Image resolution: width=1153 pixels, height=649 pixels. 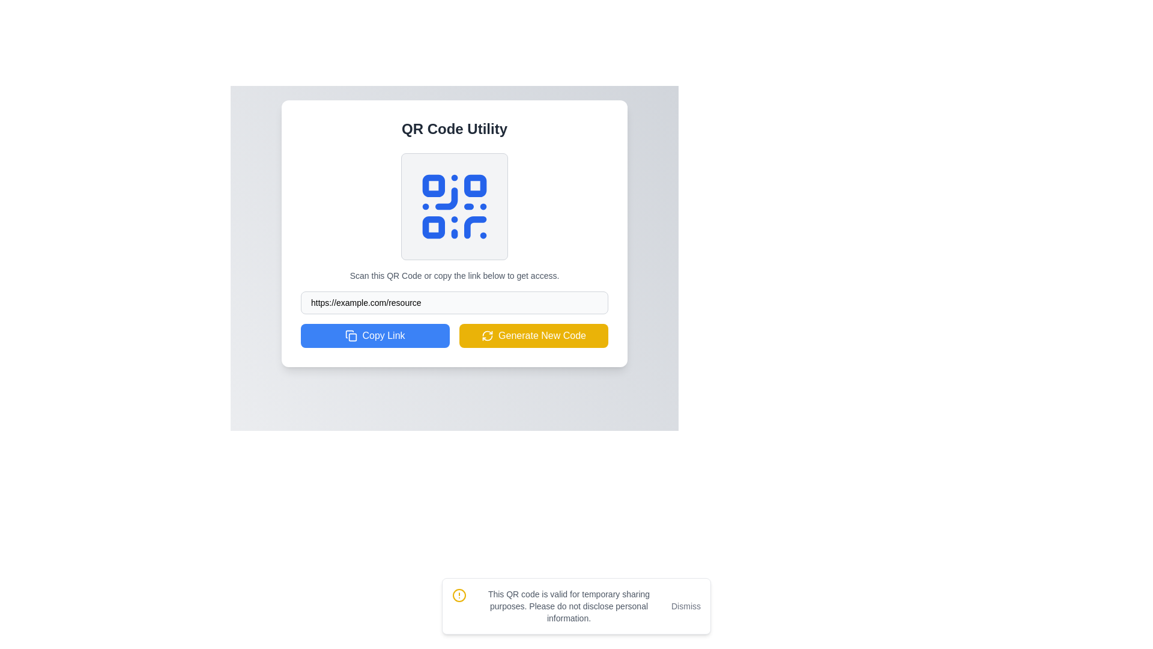 I want to click on the decorative icon to the left of the 'Copy Link' button, which visually supports the button's action, so click(x=351, y=336).